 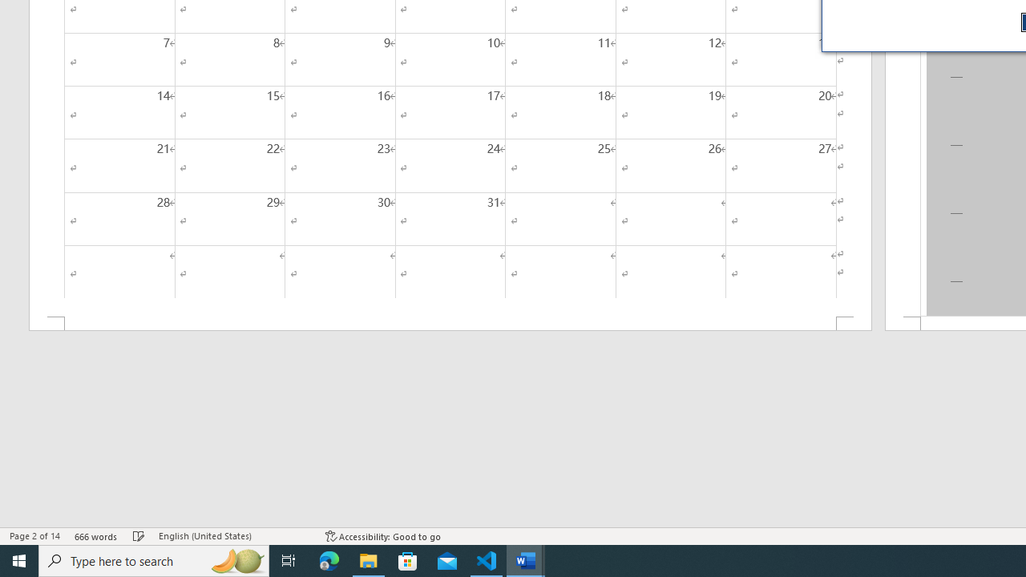 I want to click on 'Accessibility Checker Accessibility: Good to go', so click(x=382, y=536).